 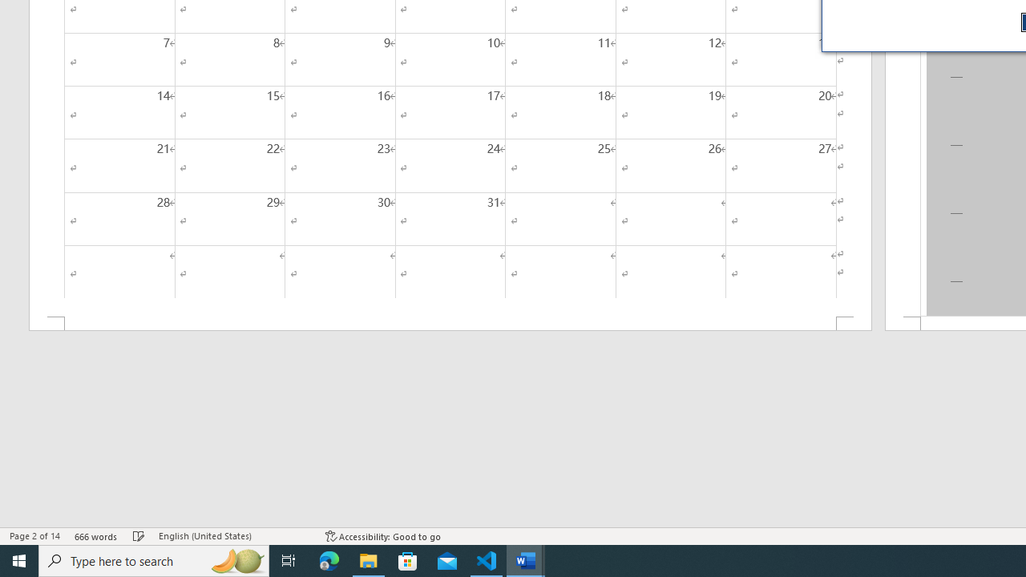 I want to click on 'Accessibility Checker Accessibility: Good to go', so click(x=382, y=536).